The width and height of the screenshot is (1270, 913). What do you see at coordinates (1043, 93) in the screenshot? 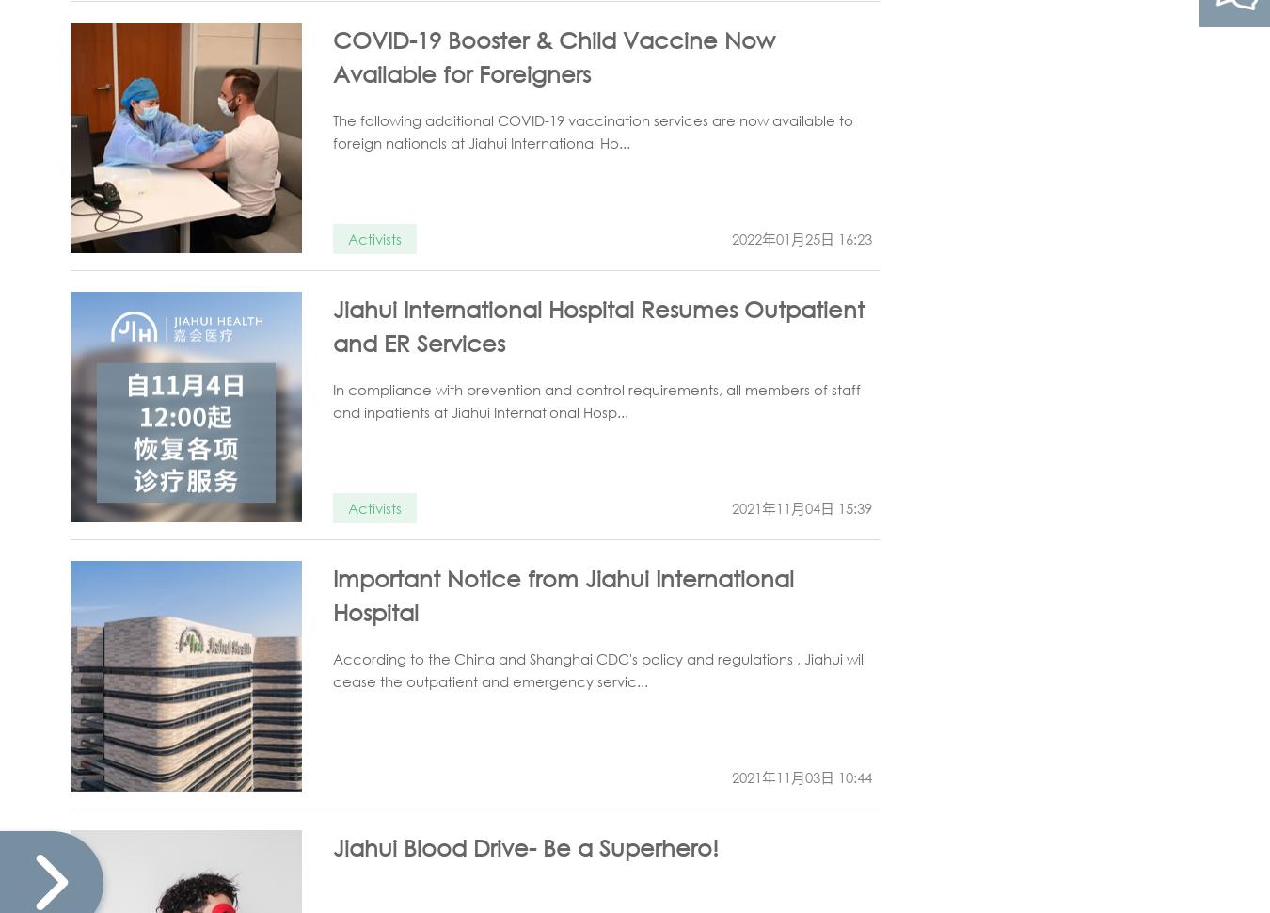
I see `'Scan the QR code to follow'` at bounding box center [1043, 93].